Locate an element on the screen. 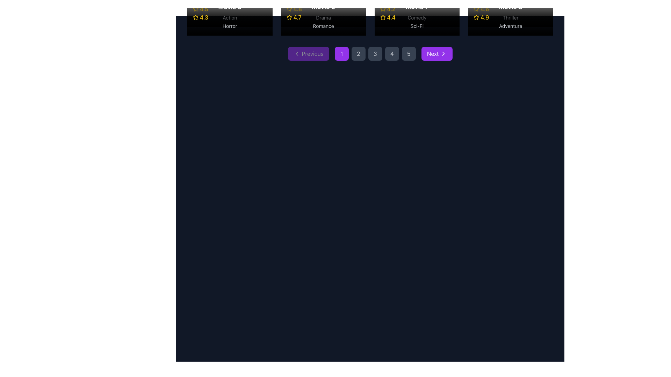 This screenshot has height=377, width=671. the button for selecting the third page in the pagination control is located at coordinates (370, 53).